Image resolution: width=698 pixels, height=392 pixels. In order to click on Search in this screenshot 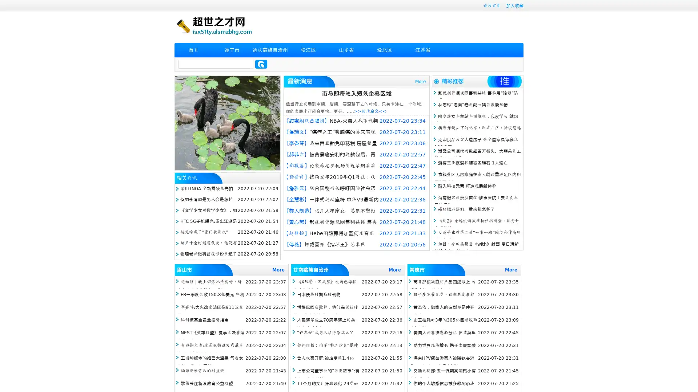, I will do `click(261, 64)`.